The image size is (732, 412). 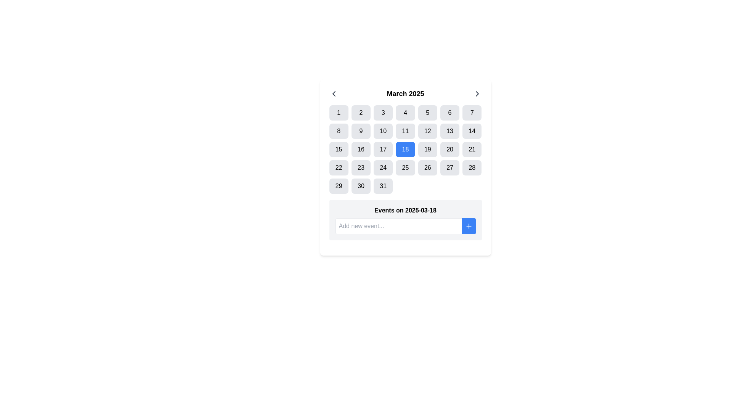 What do you see at coordinates (427, 113) in the screenshot?
I see `the fifth calendar day cell` at bounding box center [427, 113].